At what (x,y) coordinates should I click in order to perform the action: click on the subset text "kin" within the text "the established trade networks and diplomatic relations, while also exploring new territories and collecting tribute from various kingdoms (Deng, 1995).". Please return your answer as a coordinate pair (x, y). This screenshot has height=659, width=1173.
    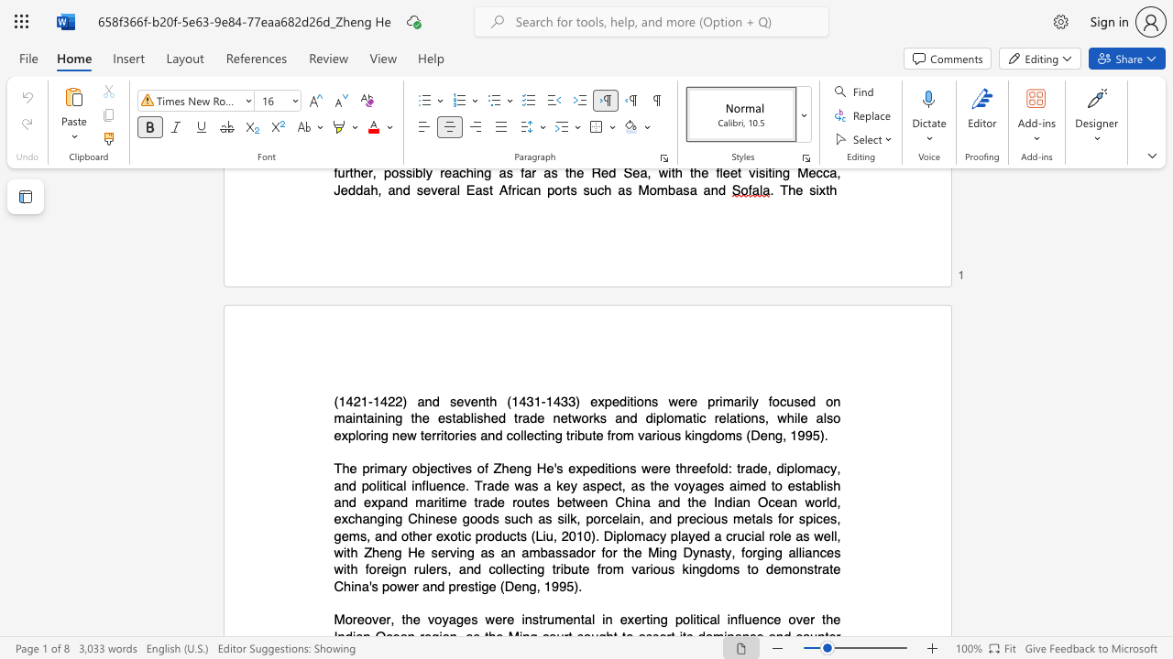
    Looking at the image, I should click on (684, 435).